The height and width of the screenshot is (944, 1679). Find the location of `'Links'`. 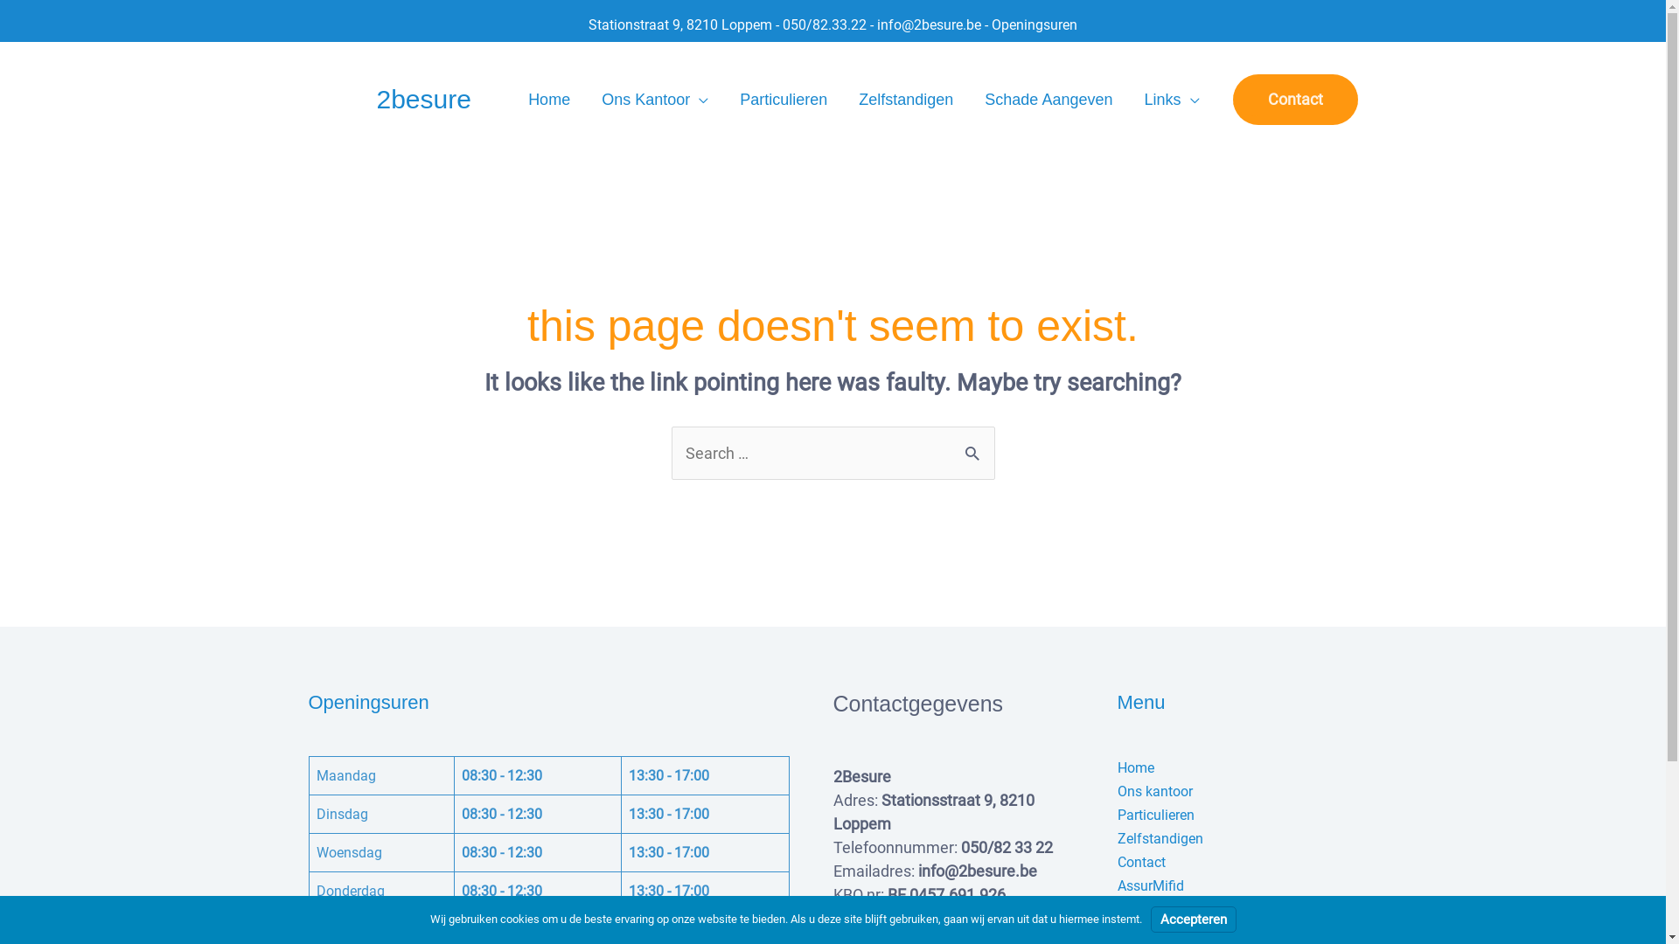

'Links' is located at coordinates (1128, 100).